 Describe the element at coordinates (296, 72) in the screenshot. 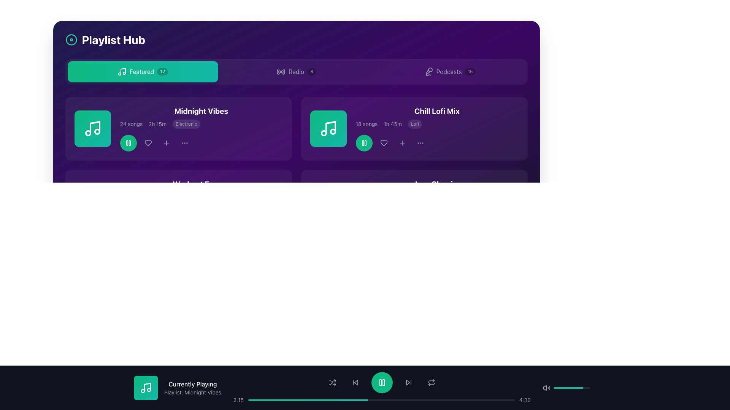

I see `the 'Radio' button or tab` at that location.